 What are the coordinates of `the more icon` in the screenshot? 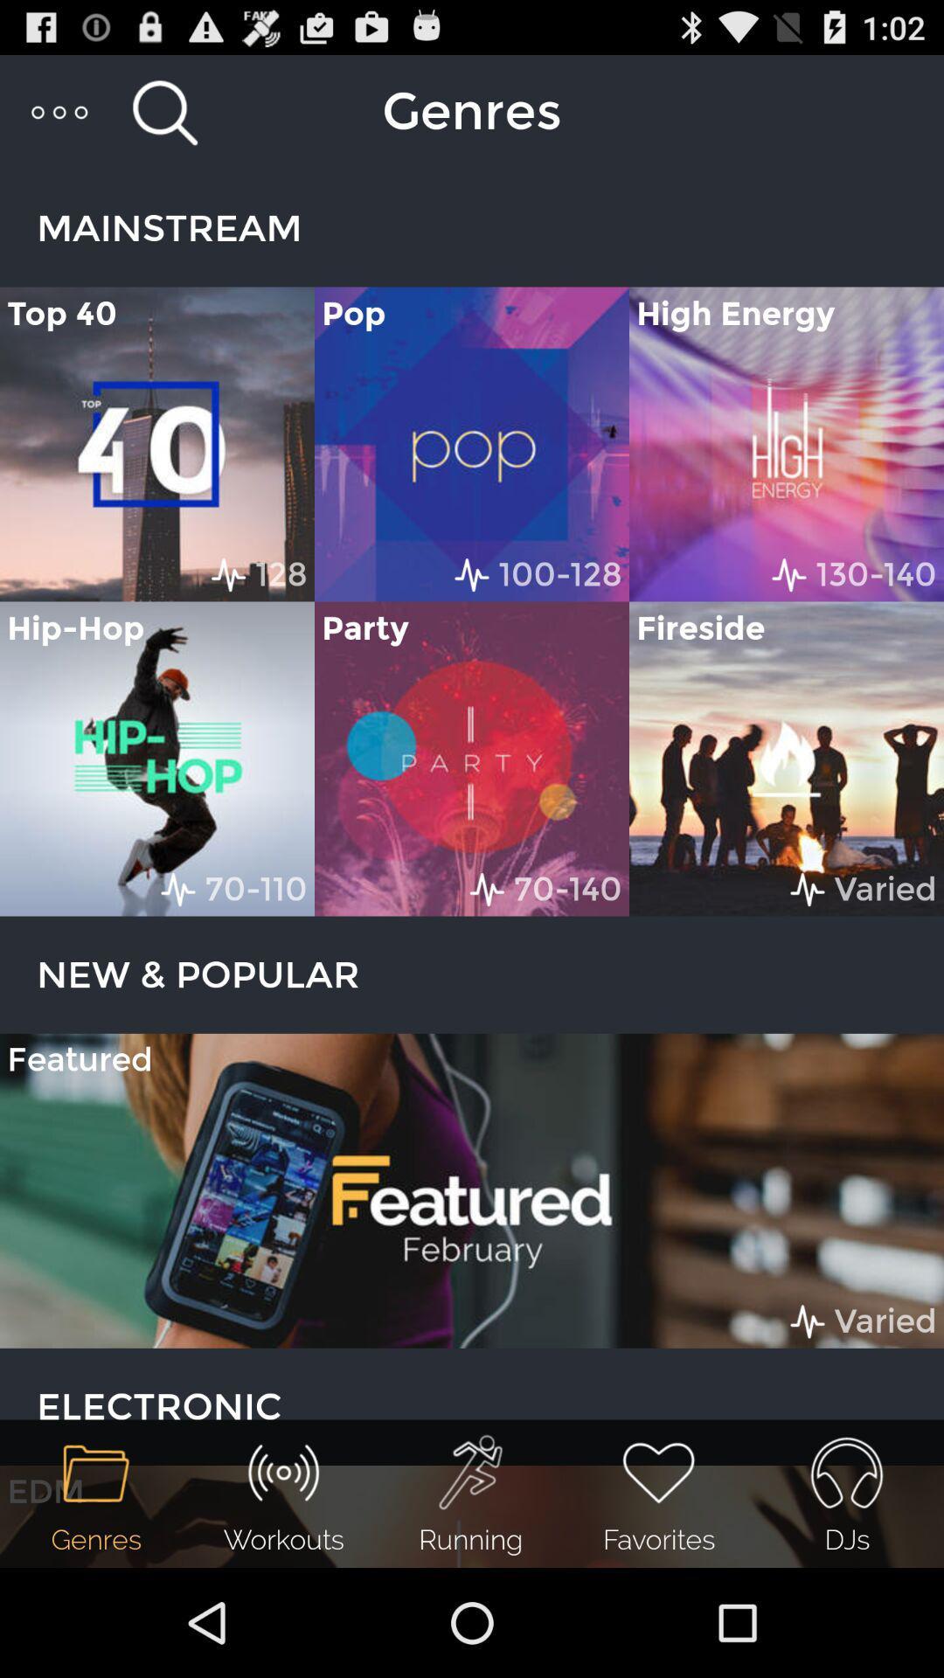 It's located at (59, 119).